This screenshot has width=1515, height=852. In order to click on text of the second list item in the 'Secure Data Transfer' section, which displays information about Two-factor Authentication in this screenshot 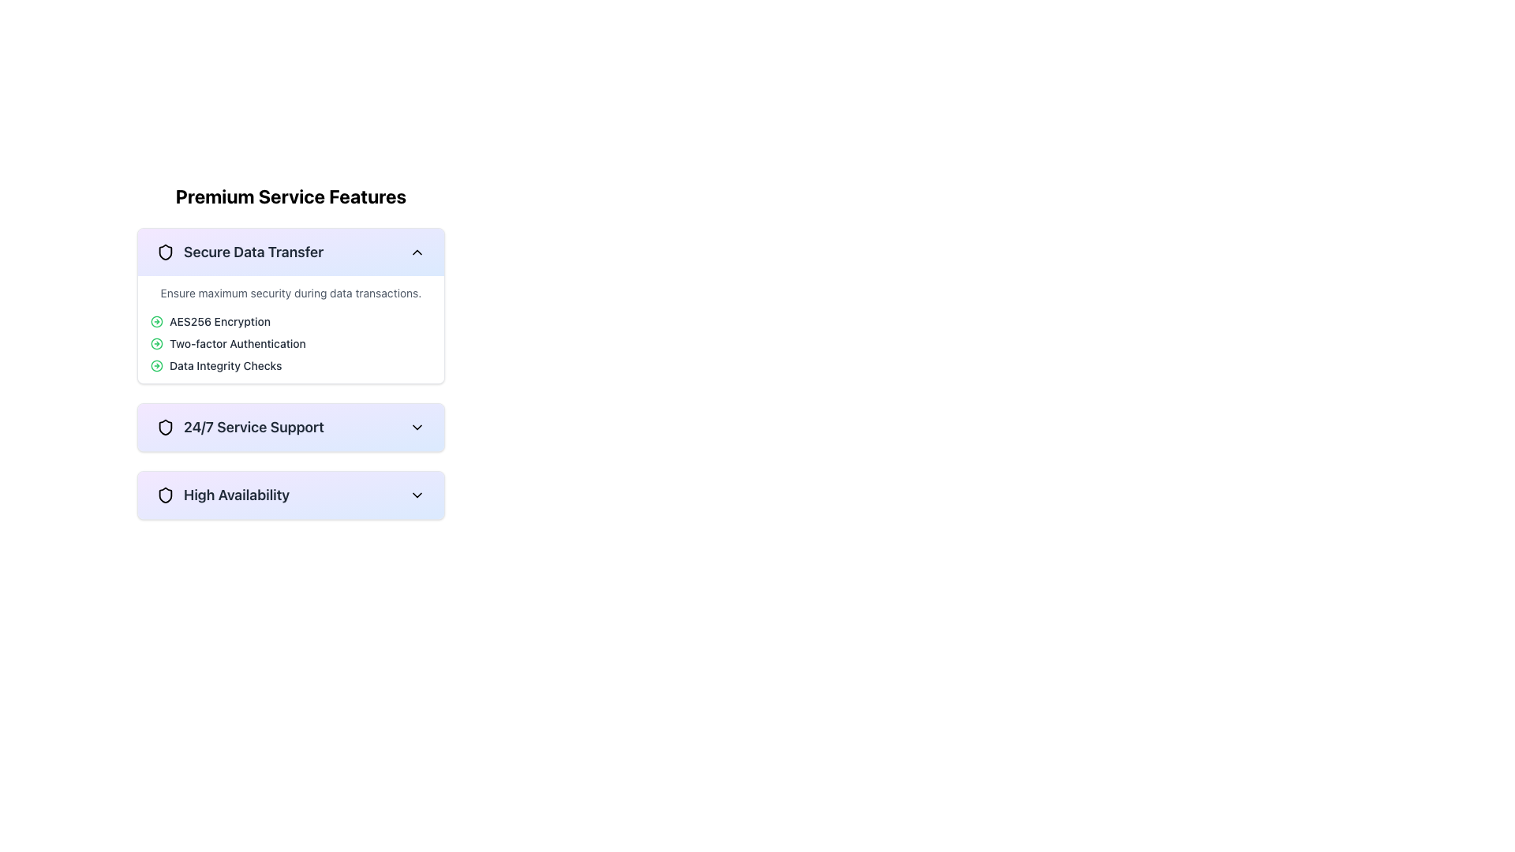, I will do `click(291, 342)`.